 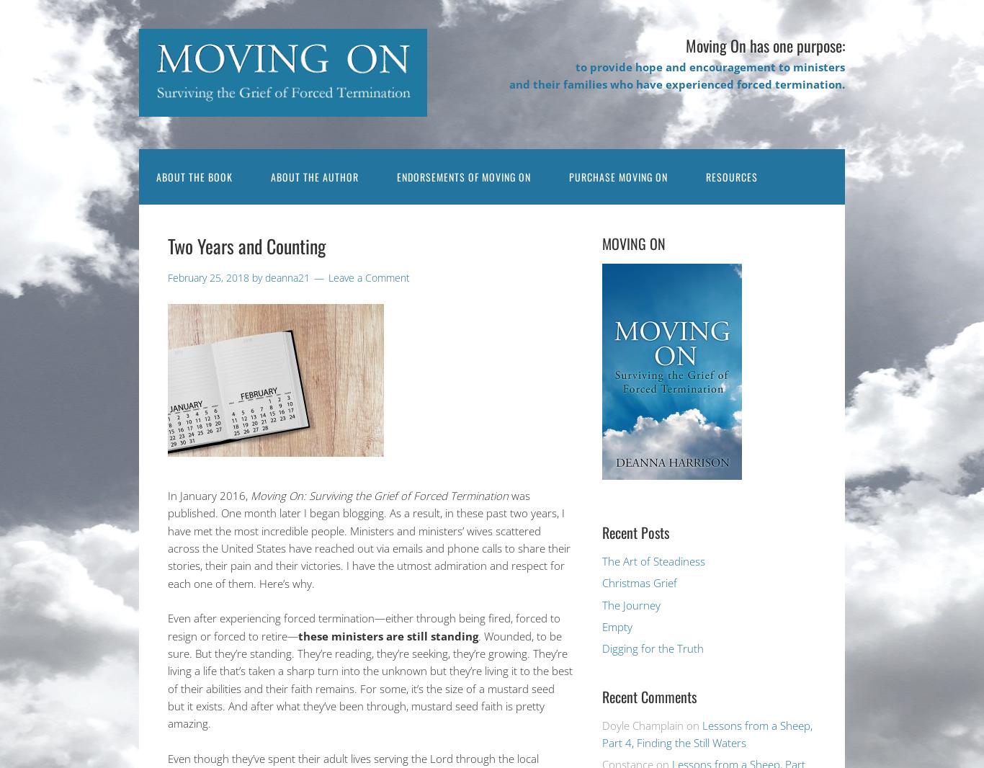 What do you see at coordinates (369, 277) in the screenshot?
I see `'Leave a Comment'` at bounding box center [369, 277].